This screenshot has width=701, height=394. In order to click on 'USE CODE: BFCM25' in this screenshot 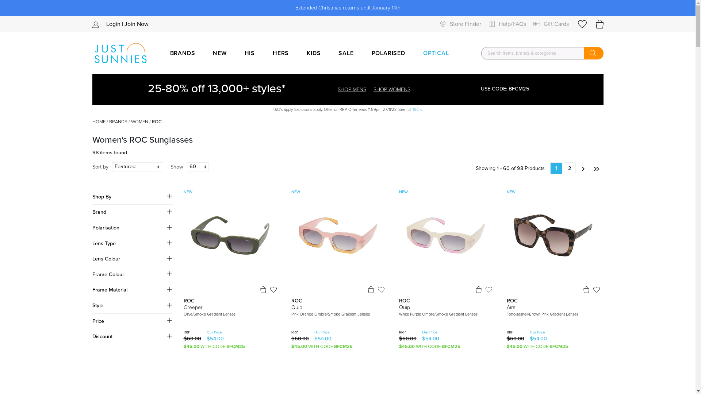, I will do `click(462, 88)`.